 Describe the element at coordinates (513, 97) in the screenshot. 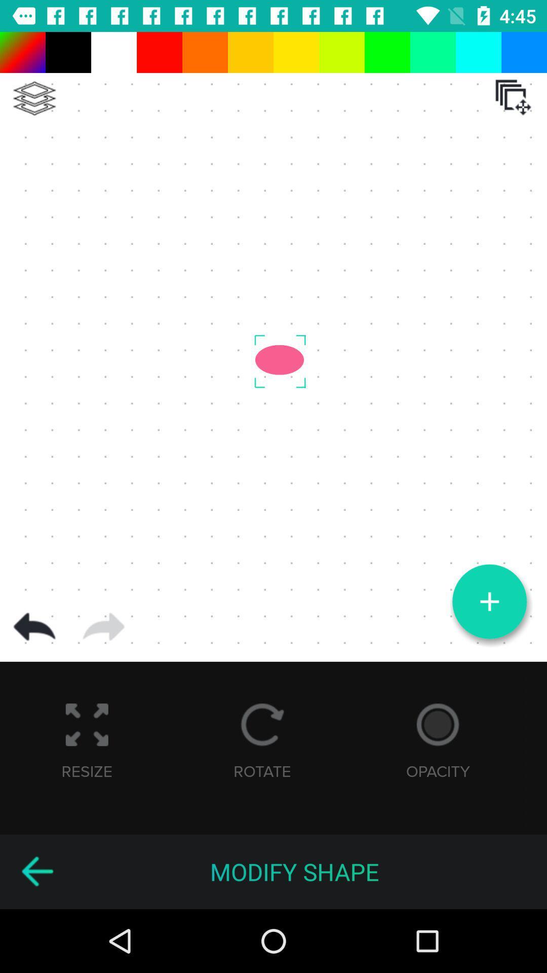

I see `change canvas size for art` at that location.